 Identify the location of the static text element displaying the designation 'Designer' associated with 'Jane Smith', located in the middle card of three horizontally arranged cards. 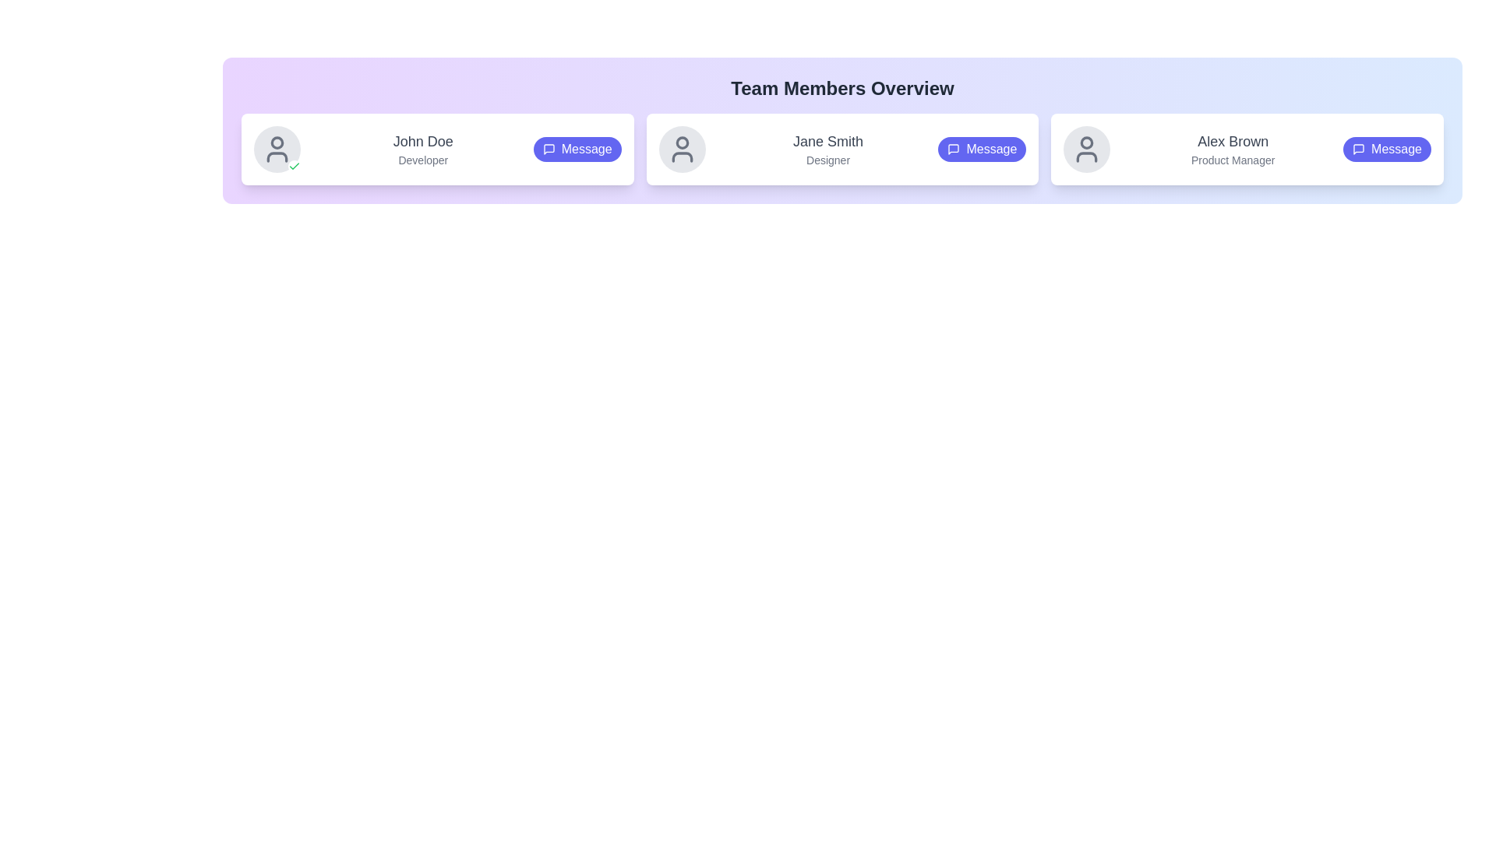
(827, 160).